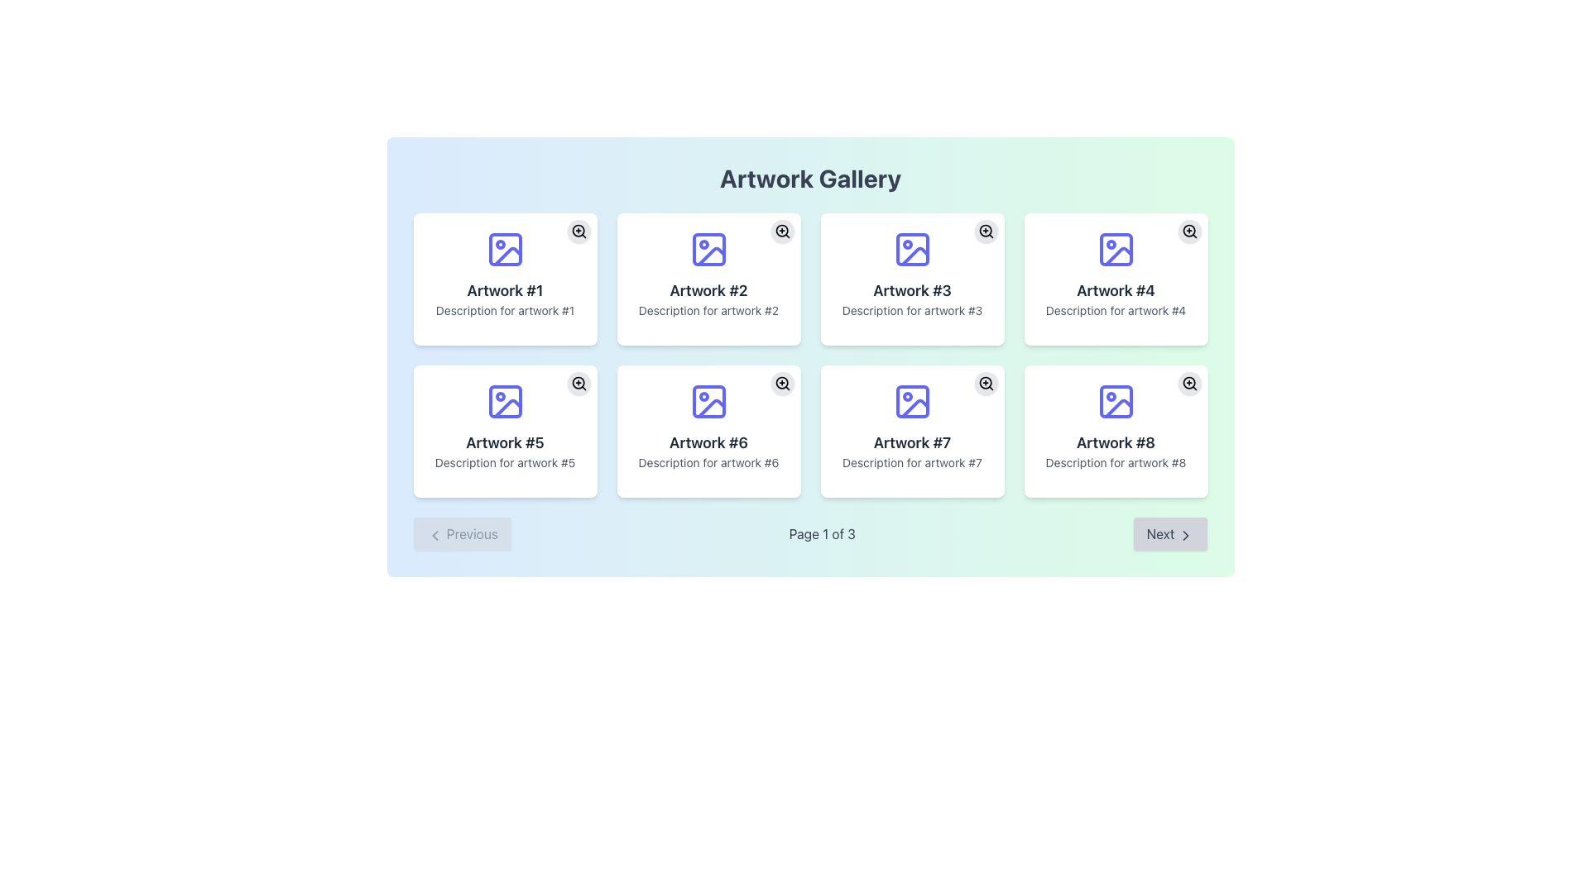  Describe the element at coordinates (504, 462) in the screenshot. I see `the text label that displays 'Description for artwork #5', which is styled with a small font size in gray and positioned beneath the title 'Artwork #5' inside a white card` at that location.